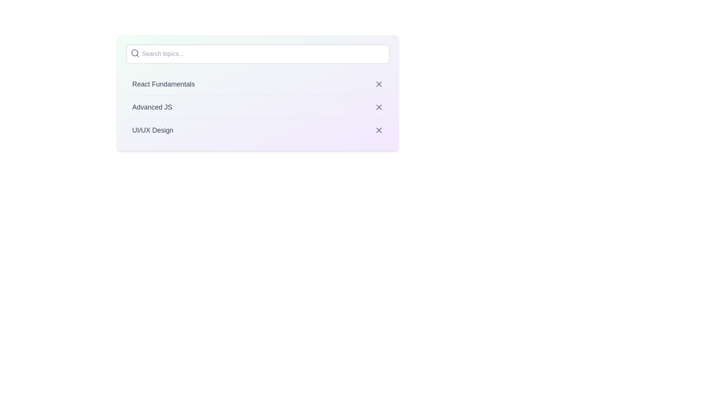 The image size is (725, 408). Describe the element at coordinates (379, 130) in the screenshot. I see `close button of the item titled UI/UX Design to deselect it` at that location.